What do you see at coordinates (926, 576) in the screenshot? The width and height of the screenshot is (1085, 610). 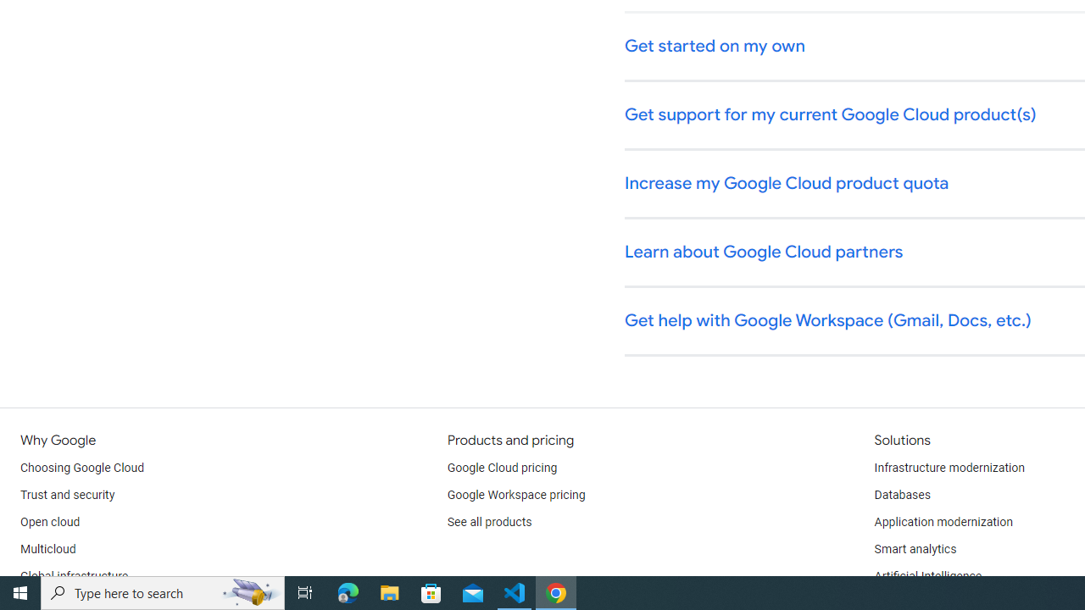 I see `'Artificial Intelligence'` at bounding box center [926, 576].